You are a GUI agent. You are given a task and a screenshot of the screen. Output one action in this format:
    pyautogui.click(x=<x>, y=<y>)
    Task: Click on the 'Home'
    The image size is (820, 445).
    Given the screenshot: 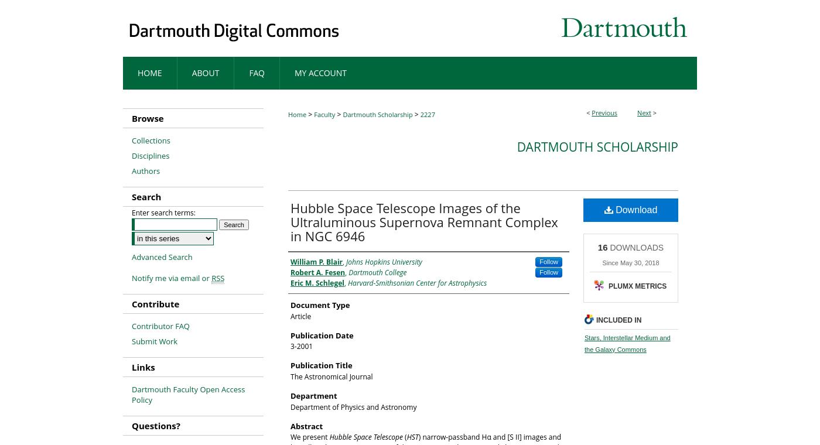 What is the action you would take?
    pyautogui.click(x=297, y=114)
    